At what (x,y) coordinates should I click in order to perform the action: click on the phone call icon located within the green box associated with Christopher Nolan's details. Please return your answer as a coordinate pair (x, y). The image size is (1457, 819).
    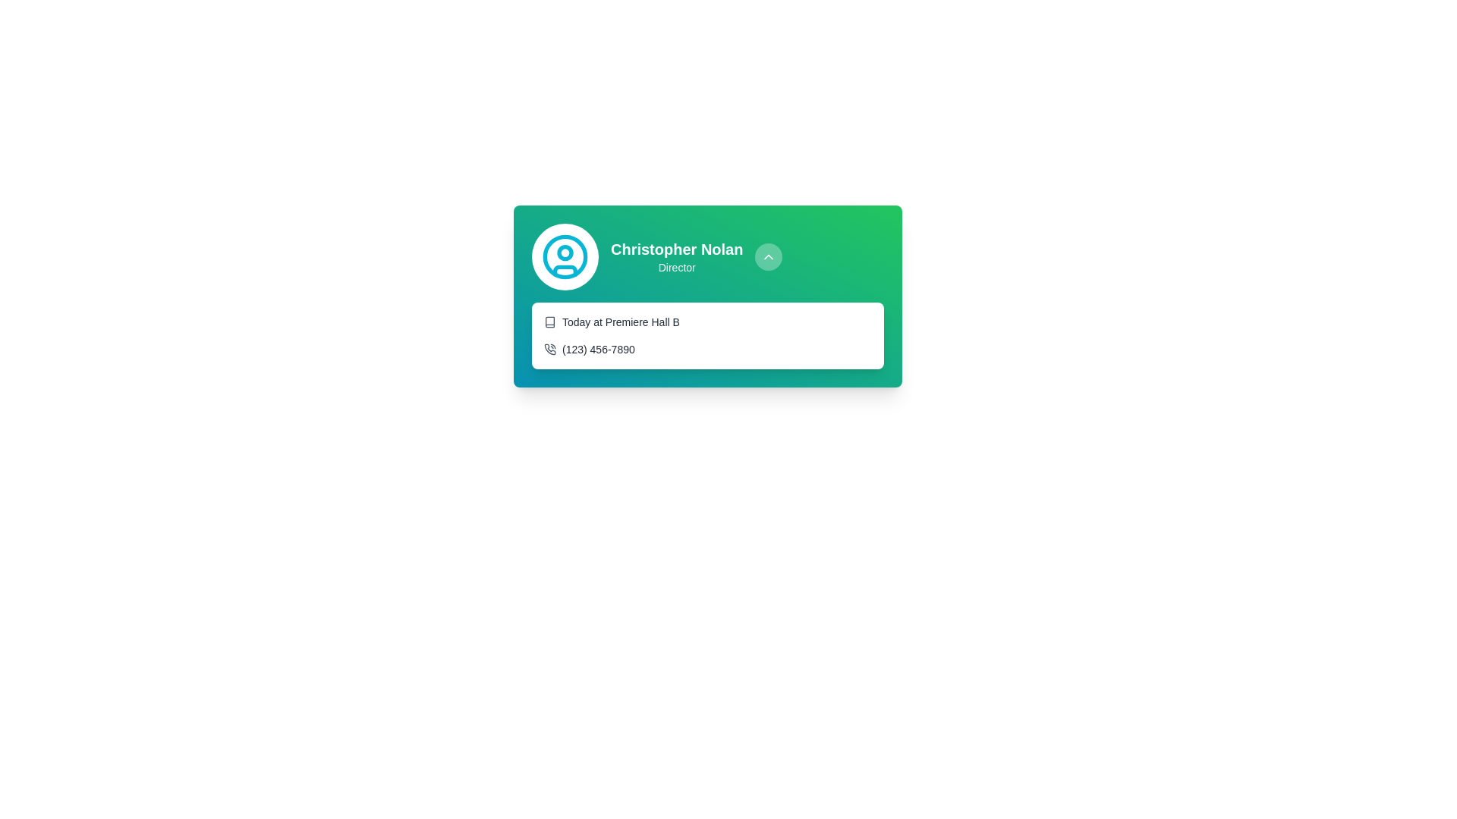
    Looking at the image, I should click on (549, 349).